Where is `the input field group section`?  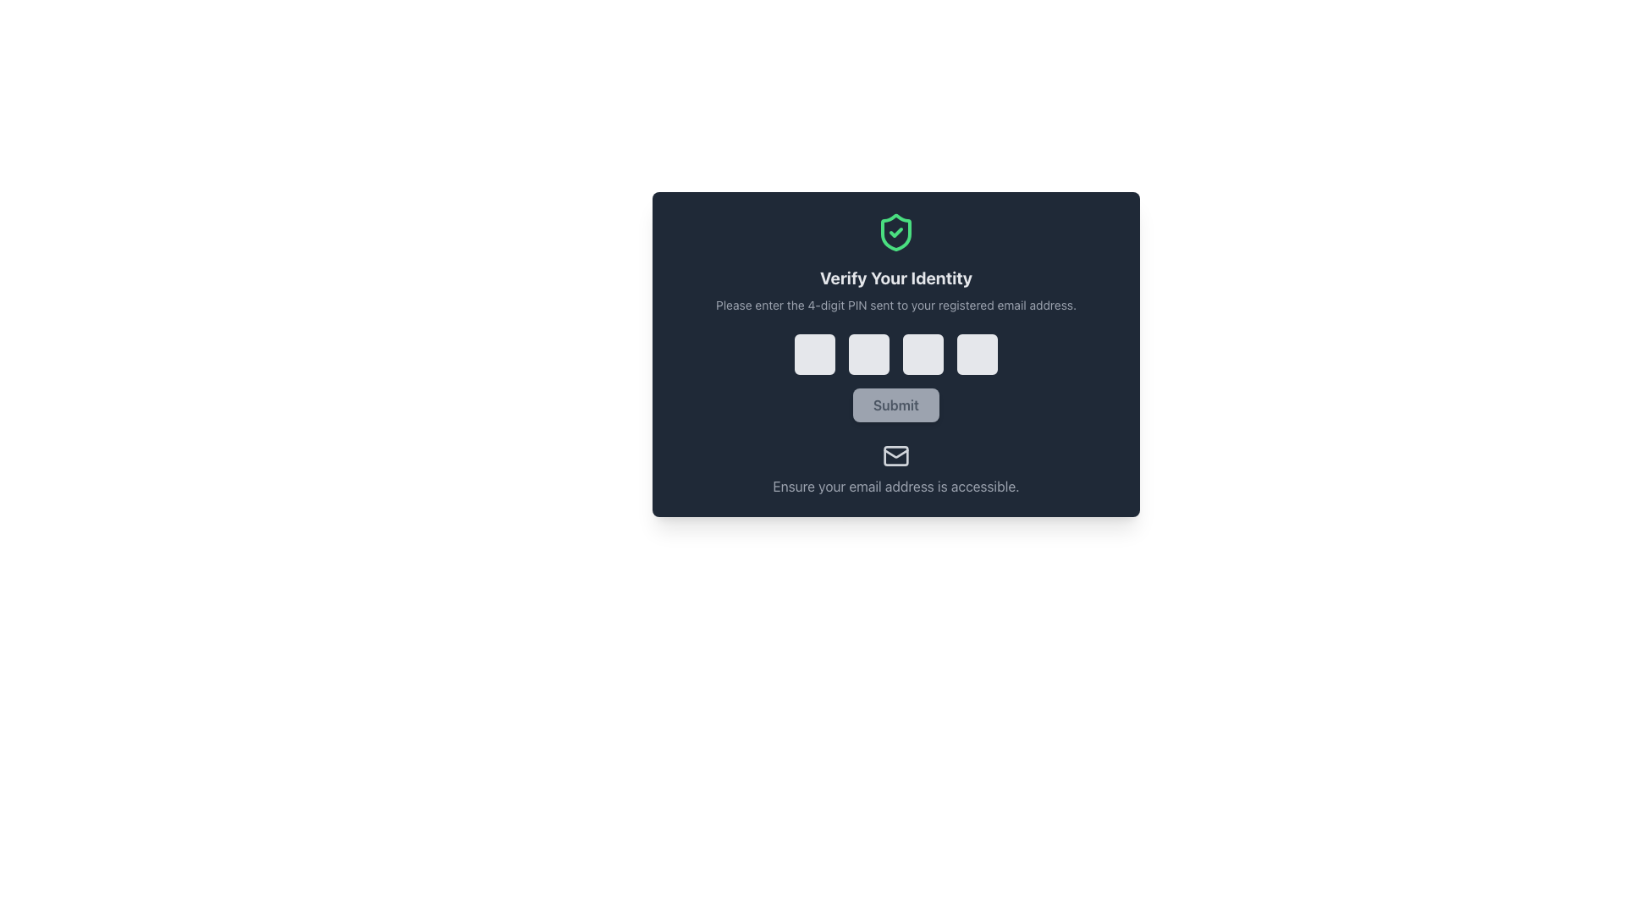
the input field group section is located at coordinates (895, 354).